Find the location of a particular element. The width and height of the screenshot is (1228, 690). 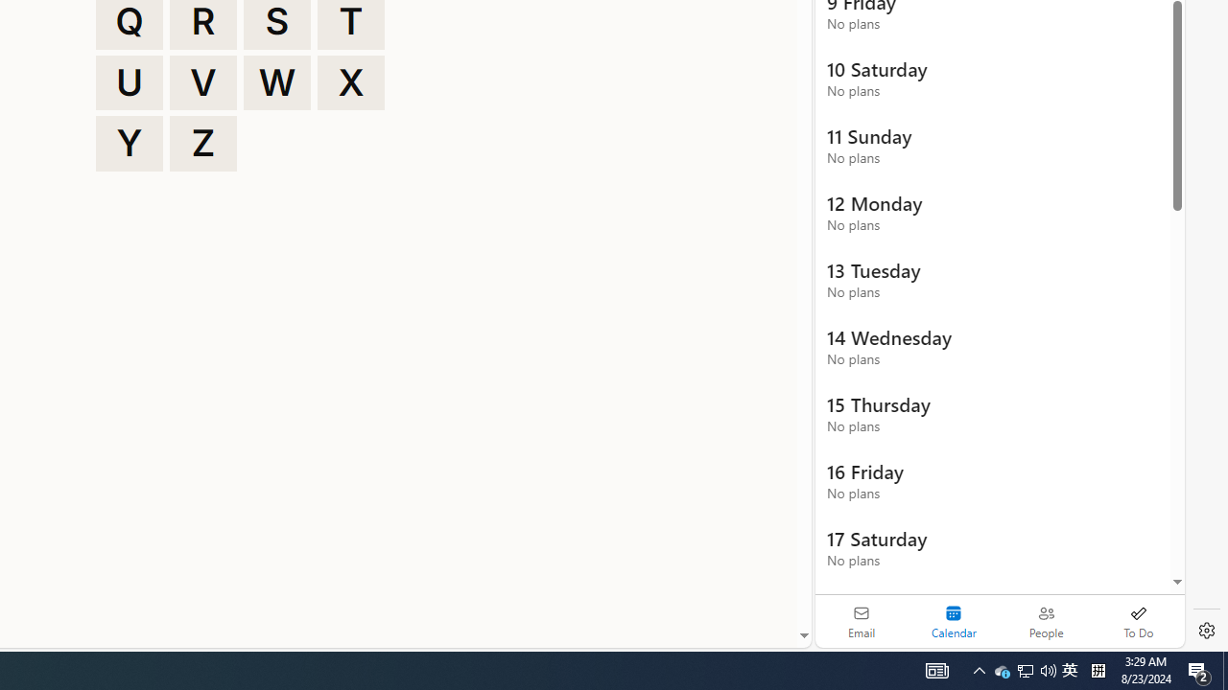

'Y' is located at coordinates (129, 143).